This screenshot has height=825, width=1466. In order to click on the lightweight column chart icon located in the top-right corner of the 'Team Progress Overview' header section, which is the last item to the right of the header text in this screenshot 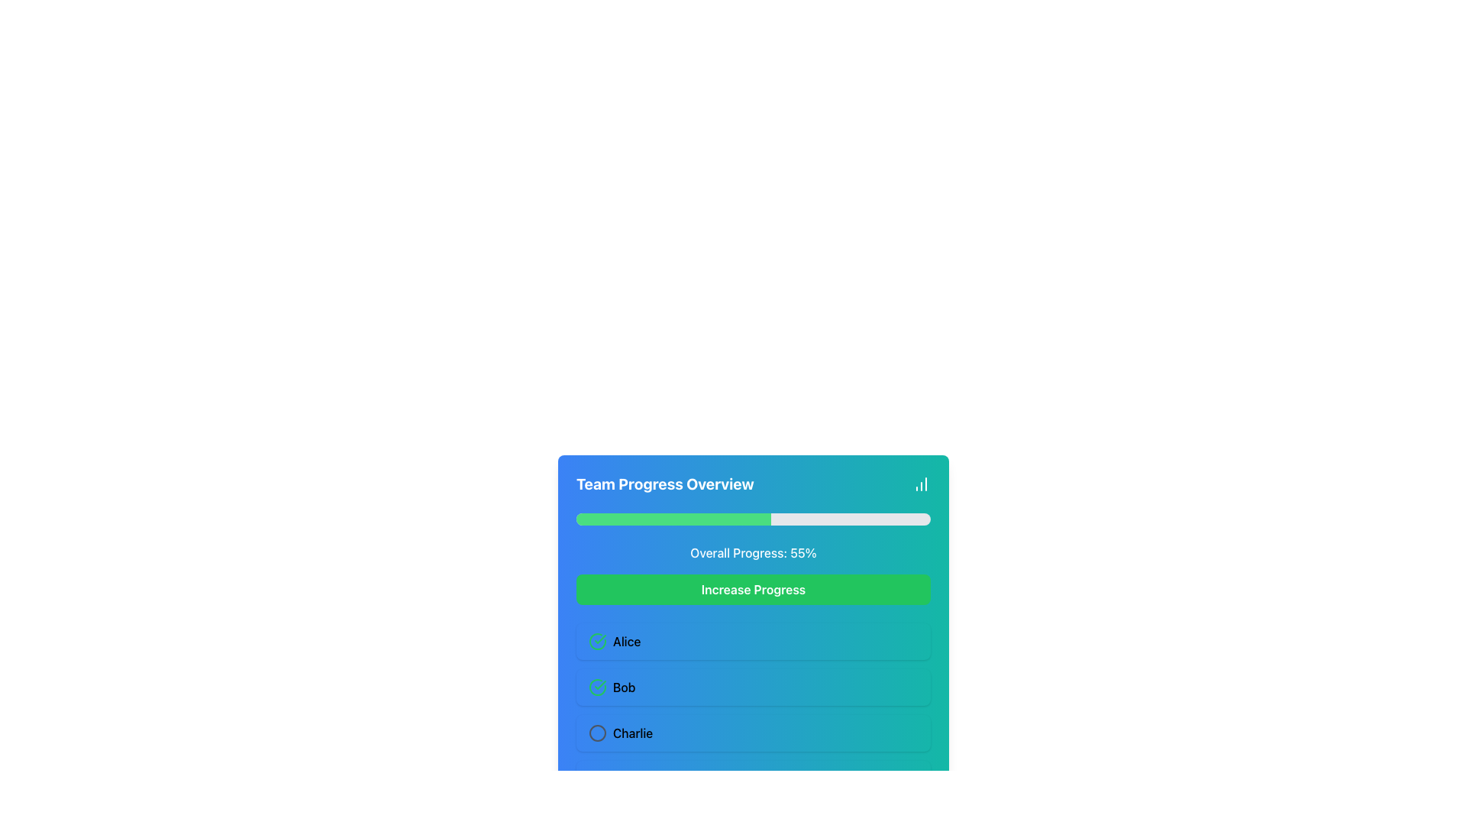, I will do `click(920, 484)`.